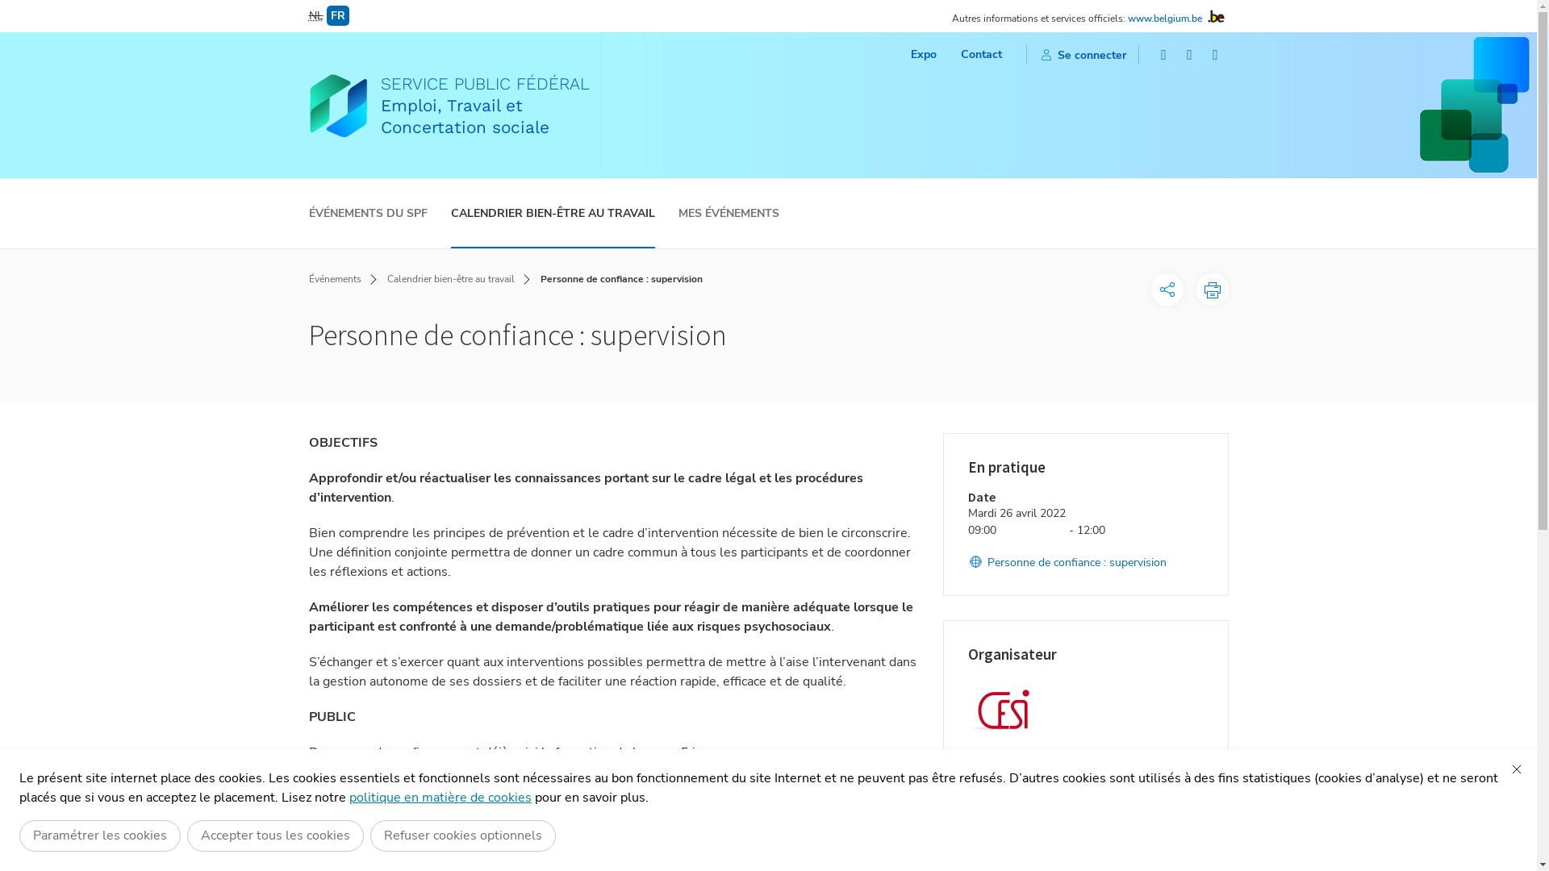 This screenshot has height=871, width=1549. Describe the element at coordinates (1516, 768) in the screenshot. I see `'Fermer'` at that location.